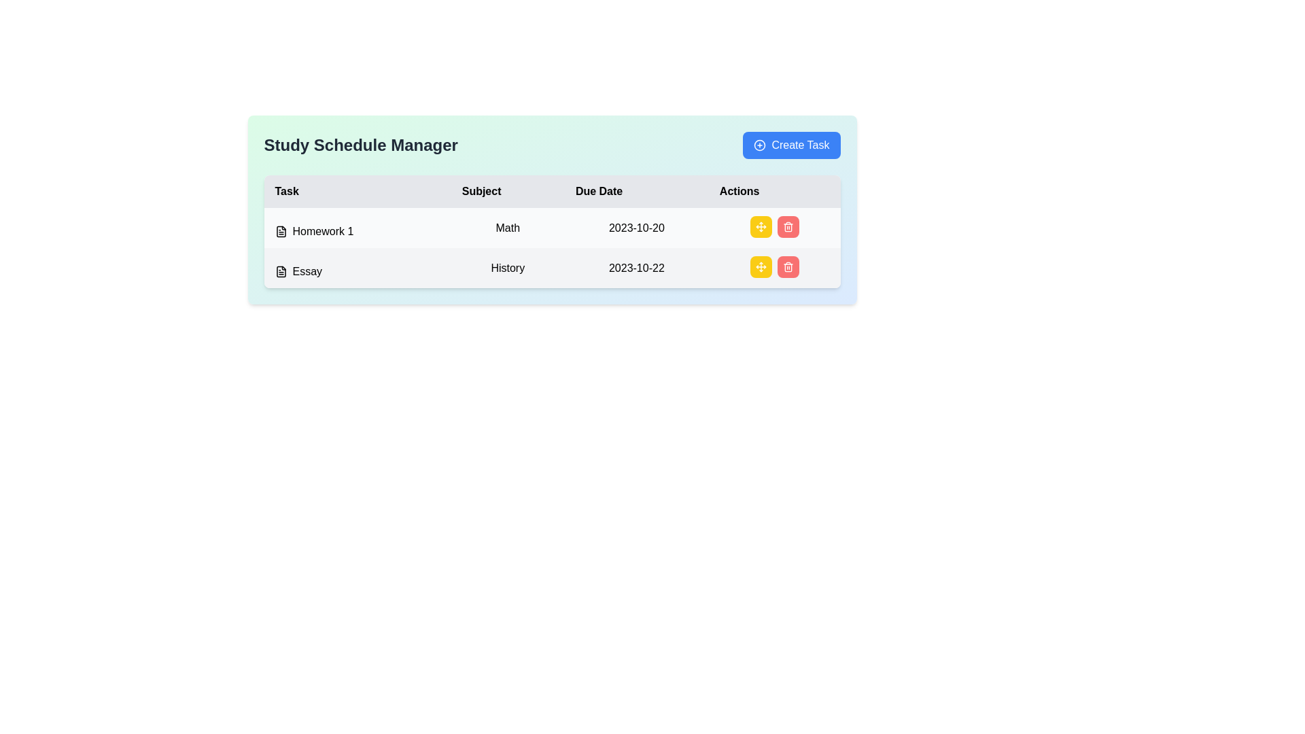 The height and width of the screenshot is (734, 1305). What do you see at coordinates (280, 230) in the screenshot?
I see `the 'Homework 1' document icon, which is the first icon in the 'Task' column of the task list, positioned above the 'Essay' icon` at bounding box center [280, 230].